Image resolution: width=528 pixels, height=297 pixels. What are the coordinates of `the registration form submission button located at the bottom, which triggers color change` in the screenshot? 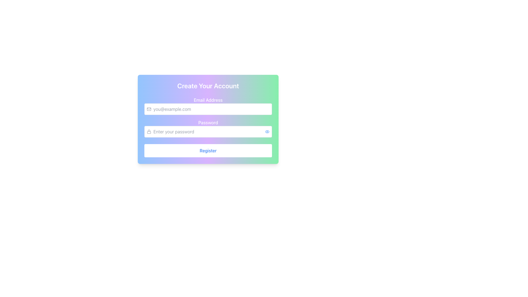 It's located at (208, 150).